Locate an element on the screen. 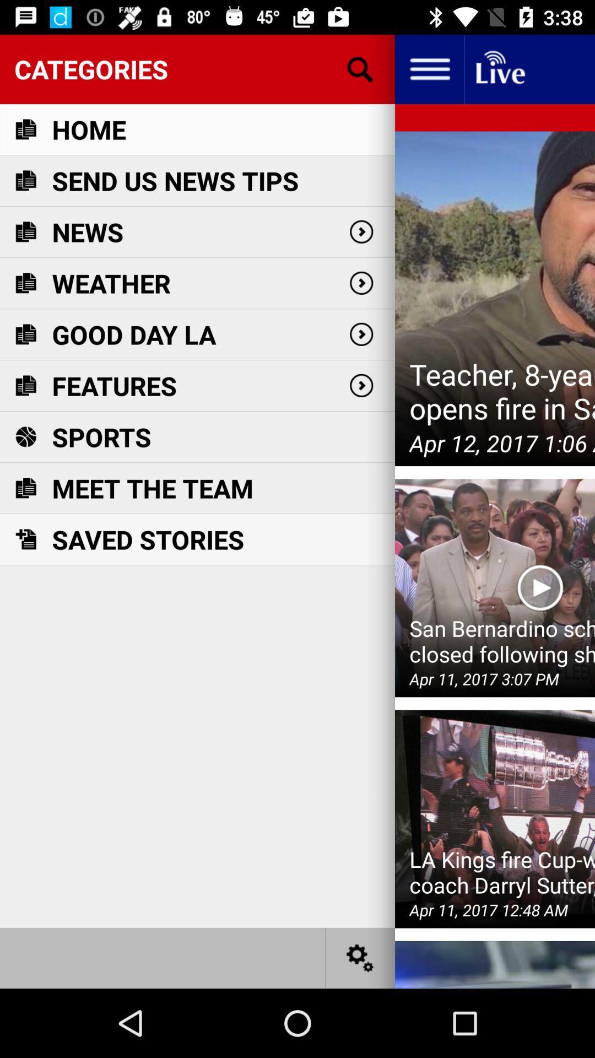 This screenshot has height=1058, width=595. open settings is located at coordinates (360, 957).